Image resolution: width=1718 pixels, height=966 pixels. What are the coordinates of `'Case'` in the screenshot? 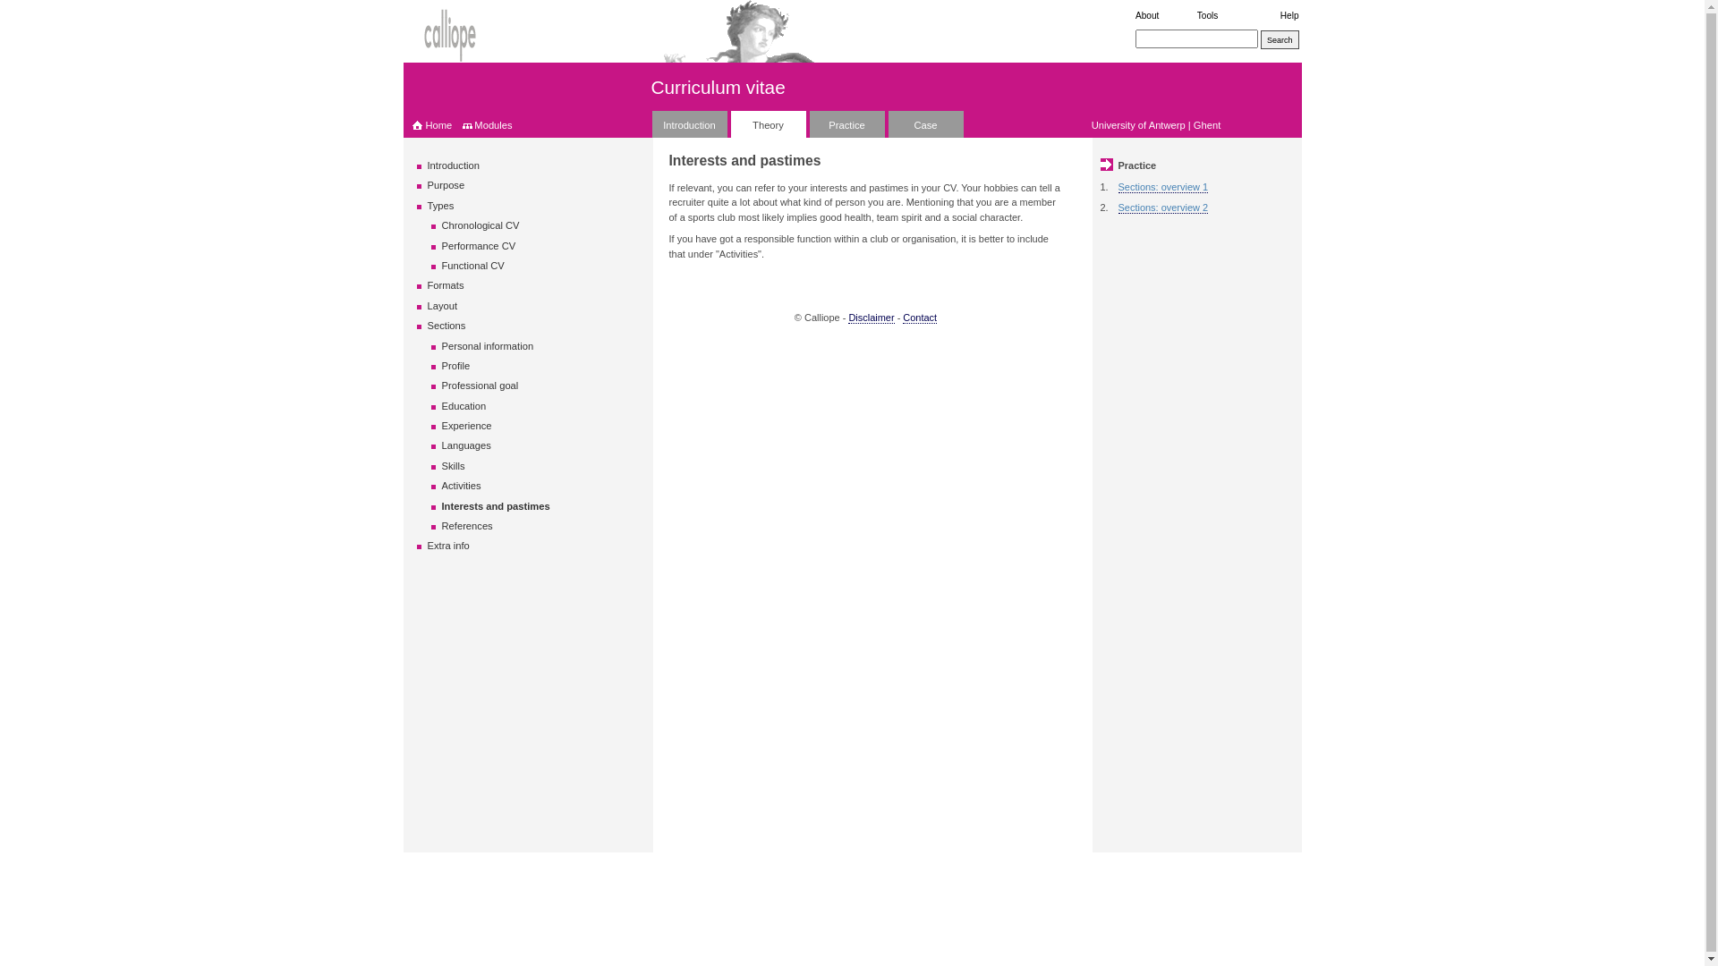 It's located at (924, 123).